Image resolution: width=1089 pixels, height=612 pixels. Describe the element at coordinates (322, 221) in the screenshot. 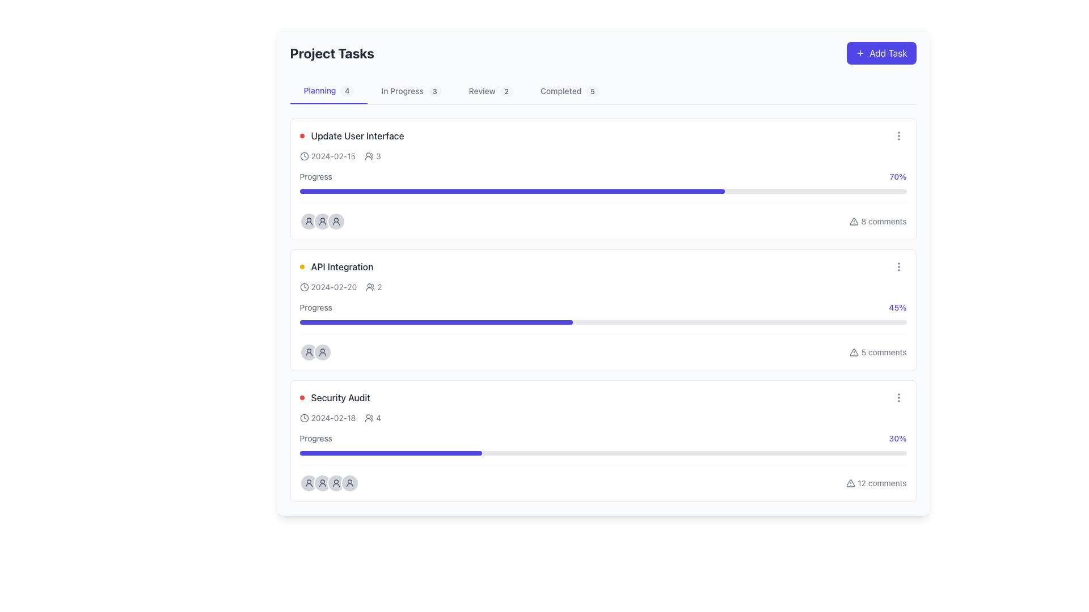

I see `the user avatar icon, which is a small rounded icon resembling a user's silhouette in a gray circular background` at that location.